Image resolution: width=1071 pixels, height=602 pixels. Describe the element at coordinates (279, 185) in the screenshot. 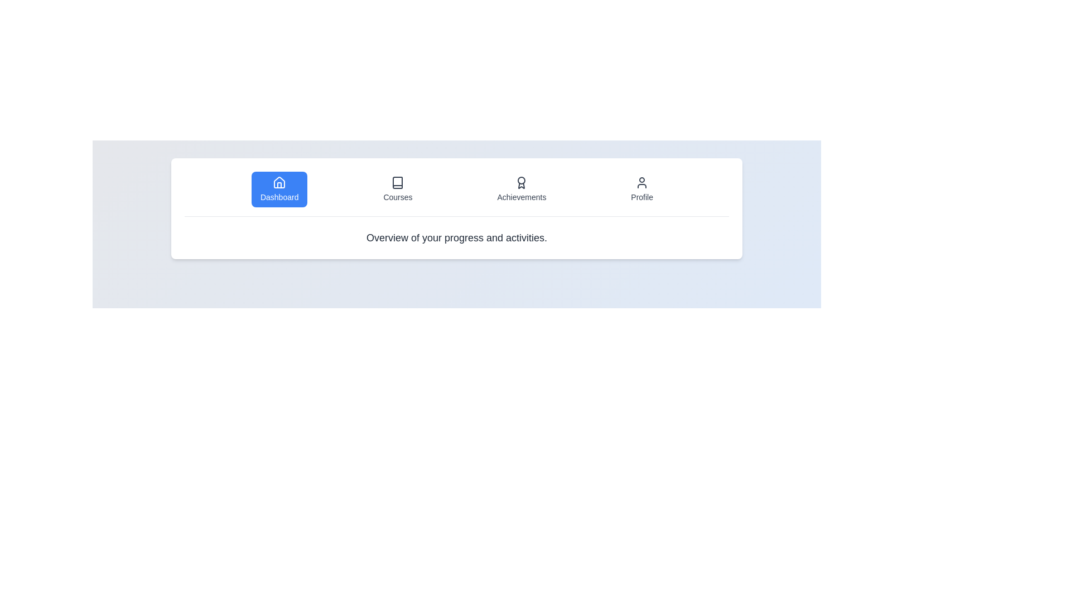

I see `the Dashboard button which contains the home icon indicating the main dashboard section of the interface` at that location.